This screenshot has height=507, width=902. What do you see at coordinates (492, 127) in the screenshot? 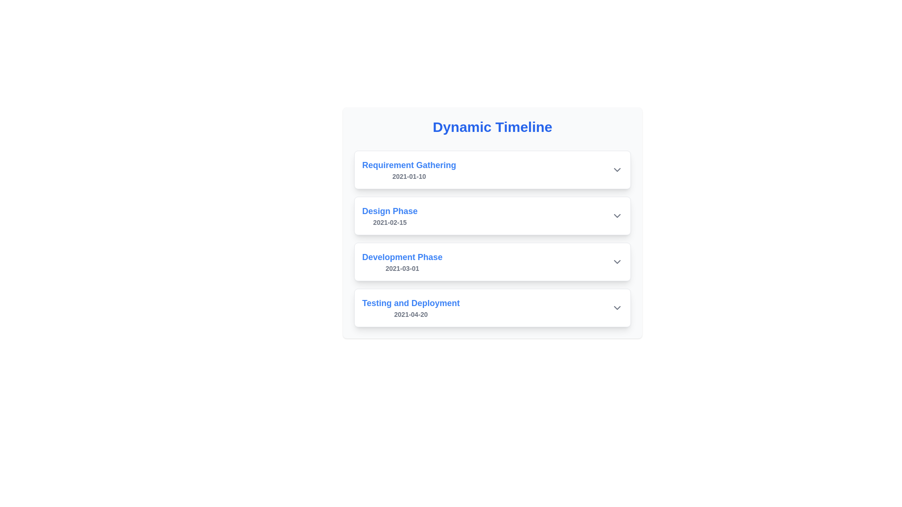
I see `the text label that serves as the title or header of the timeline component, positioned at the top of a white rectangular card, indicating the content below` at bounding box center [492, 127].